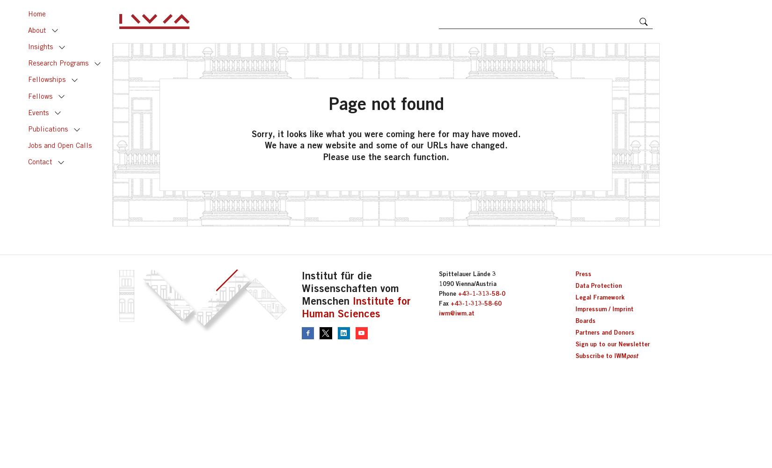 The image size is (772, 468). What do you see at coordinates (444, 303) in the screenshot?
I see `'Fax'` at bounding box center [444, 303].